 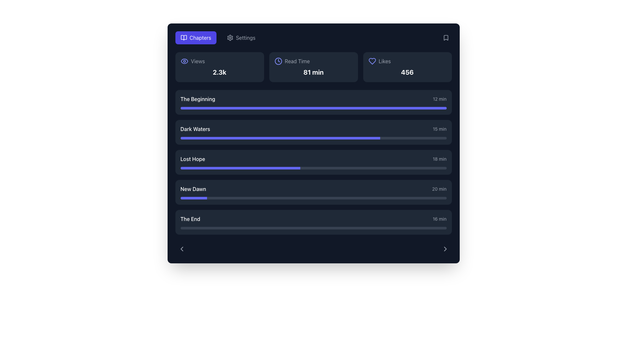 What do you see at coordinates (313, 138) in the screenshot?
I see `the progress bar representing the task completion for 'Dark Waters', located below the text 'Dark Waters' and '15 min'` at bounding box center [313, 138].